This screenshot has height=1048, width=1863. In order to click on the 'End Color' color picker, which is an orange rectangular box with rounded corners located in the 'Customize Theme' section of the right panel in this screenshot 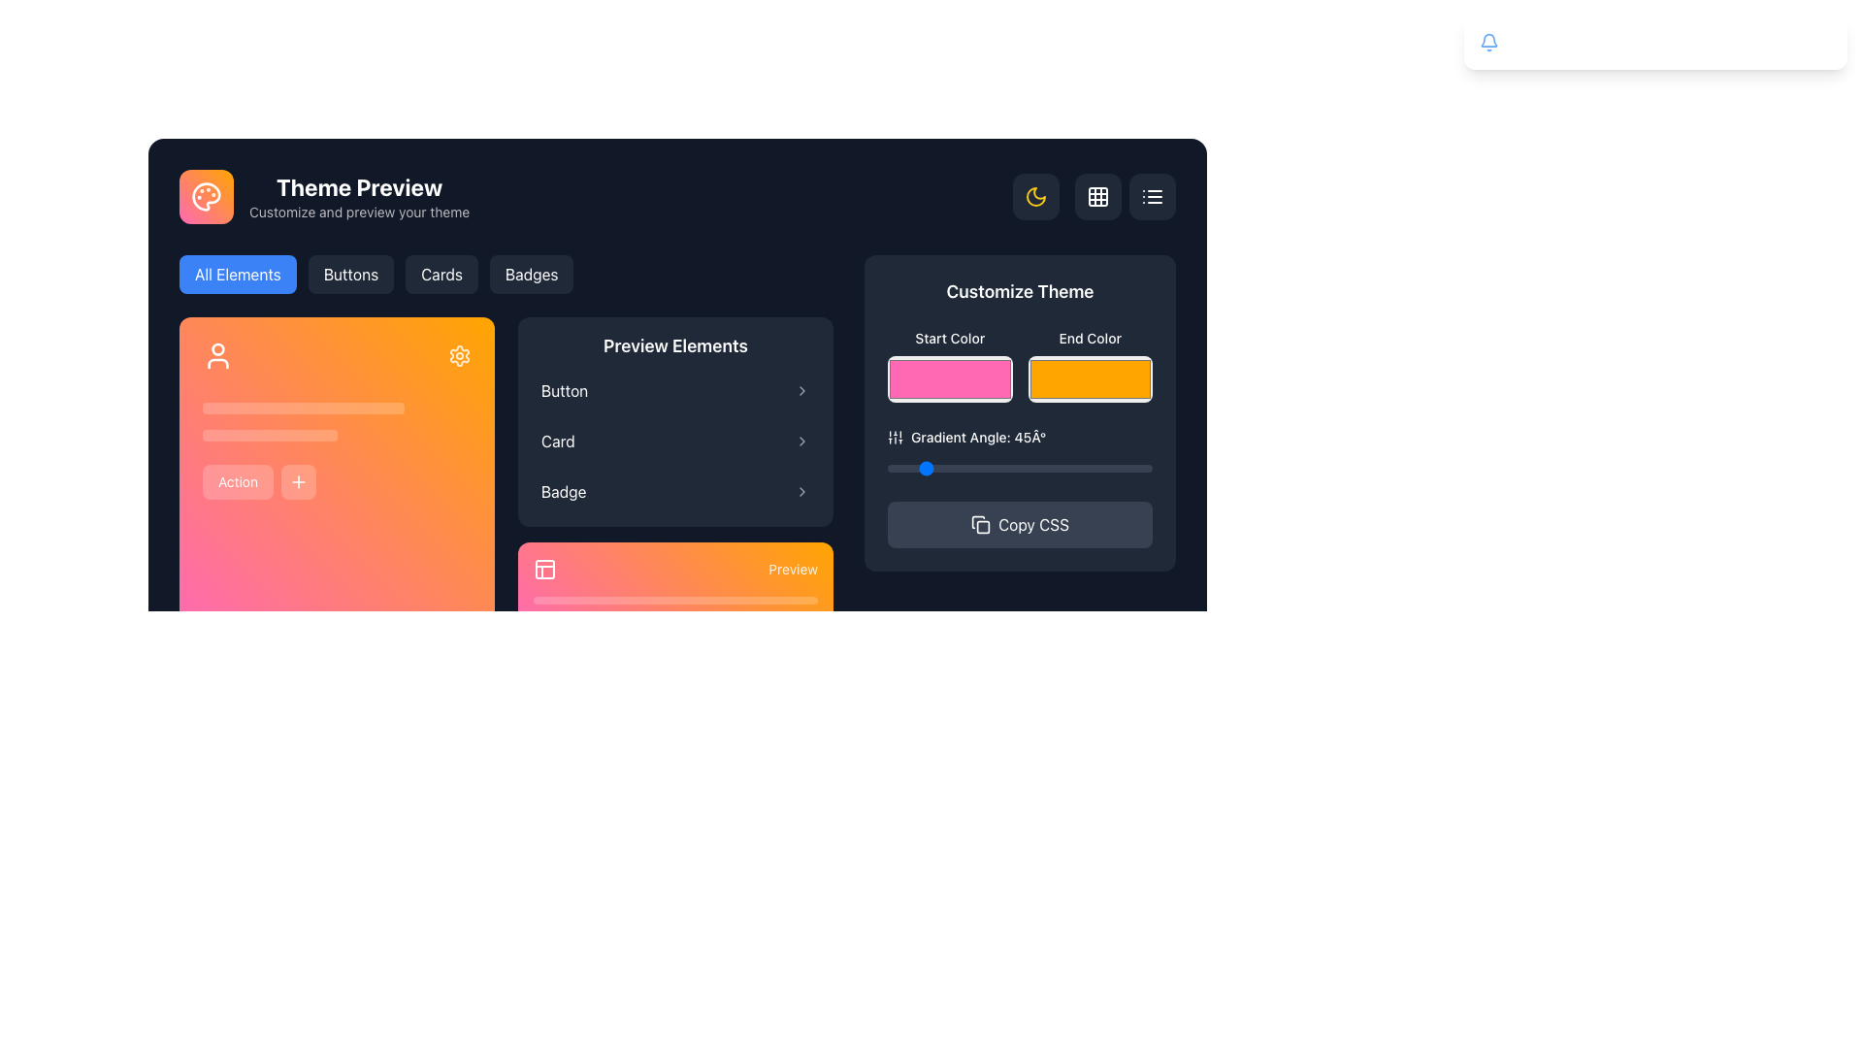, I will do `click(1090, 367)`.